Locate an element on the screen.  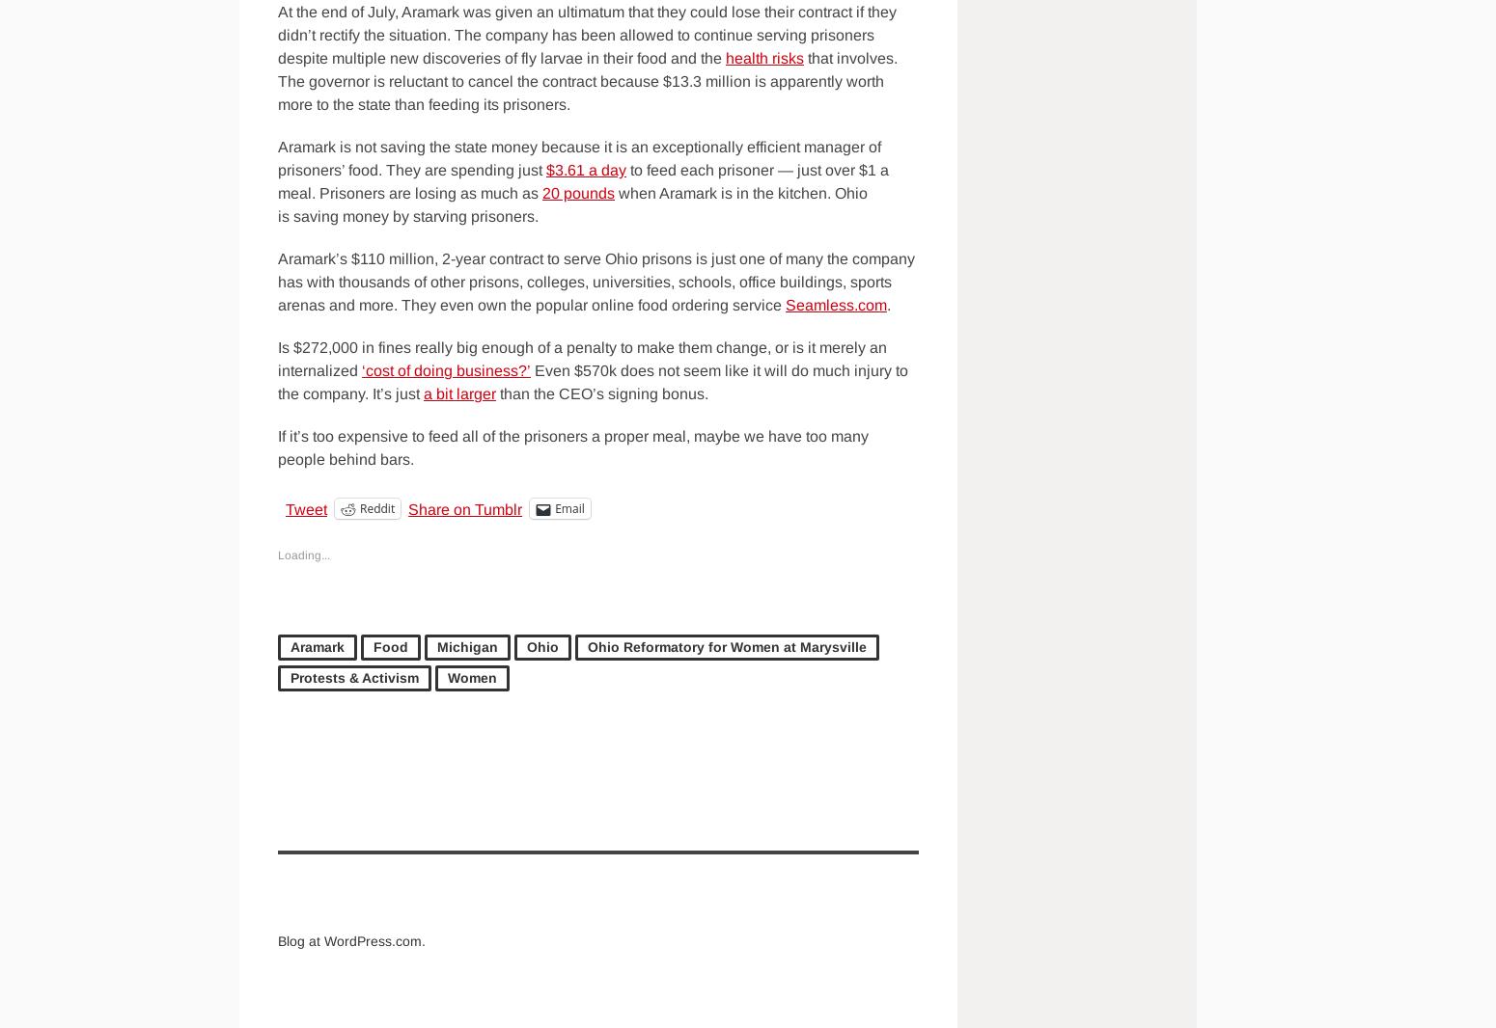
'Tweet' is located at coordinates (286, 509).